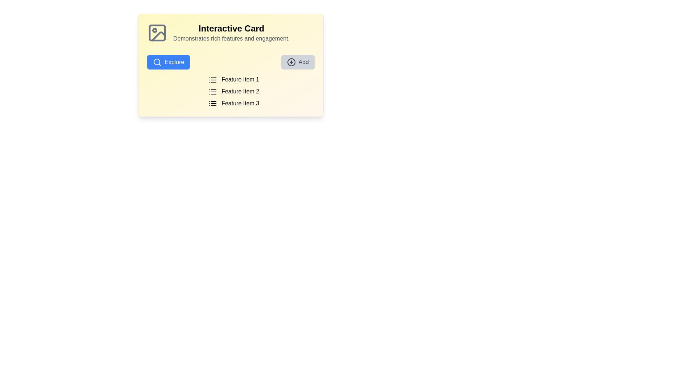  Describe the element at coordinates (298, 62) in the screenshot. I see `the 'Add' button located in the header section marked by 'Interactive Card', which has a gray background and a plus sign icon` at that location.